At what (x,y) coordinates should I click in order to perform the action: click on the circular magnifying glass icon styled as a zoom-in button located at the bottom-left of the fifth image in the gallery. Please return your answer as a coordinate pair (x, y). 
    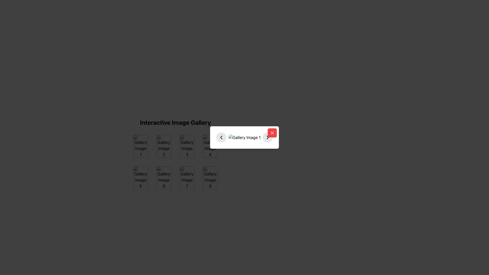
    Looking at the image, I should click on (141, 177).